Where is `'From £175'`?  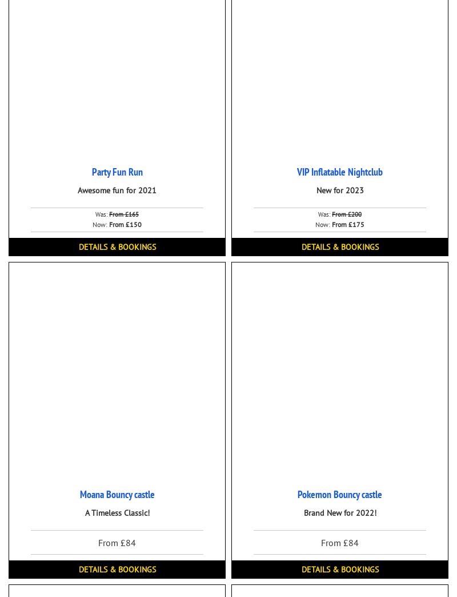
'From £175' is located at coordinates (348, 224).